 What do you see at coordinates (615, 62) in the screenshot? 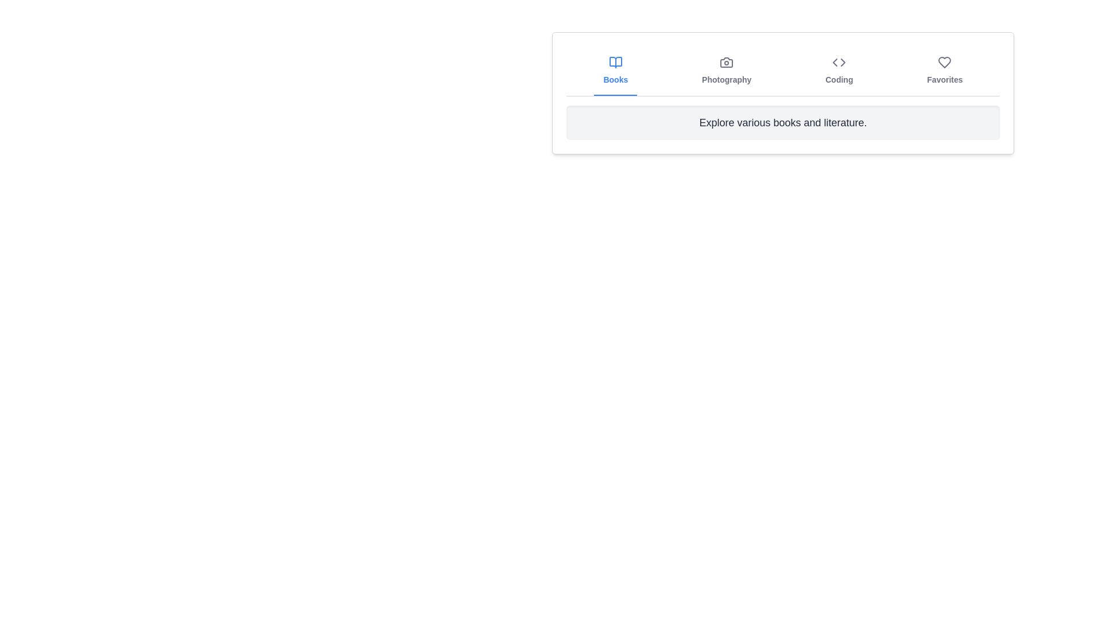
I see `the 'Books' category icon, which is centrally positioned above the text label 'Books' in the horizontal menu bar, and is the first icon in the group` at bounding box center [615, 62].